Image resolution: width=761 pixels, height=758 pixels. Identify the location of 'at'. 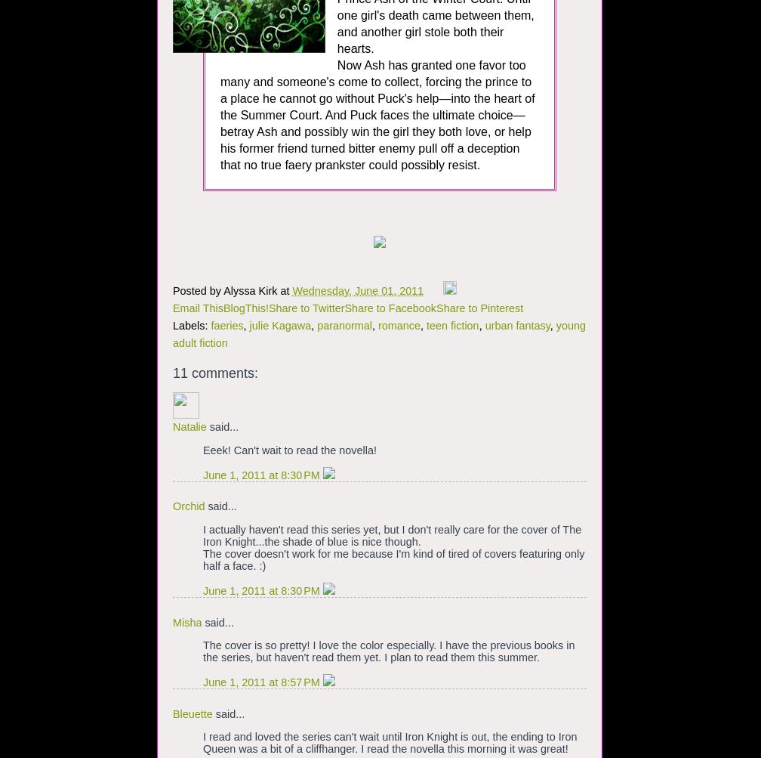
(286, 289).